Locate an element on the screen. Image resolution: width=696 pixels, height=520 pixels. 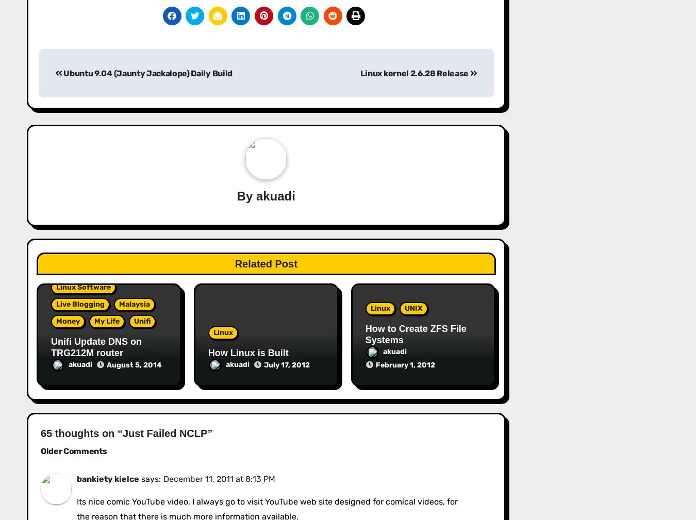
'Email' is located at coordinates (52, 44).